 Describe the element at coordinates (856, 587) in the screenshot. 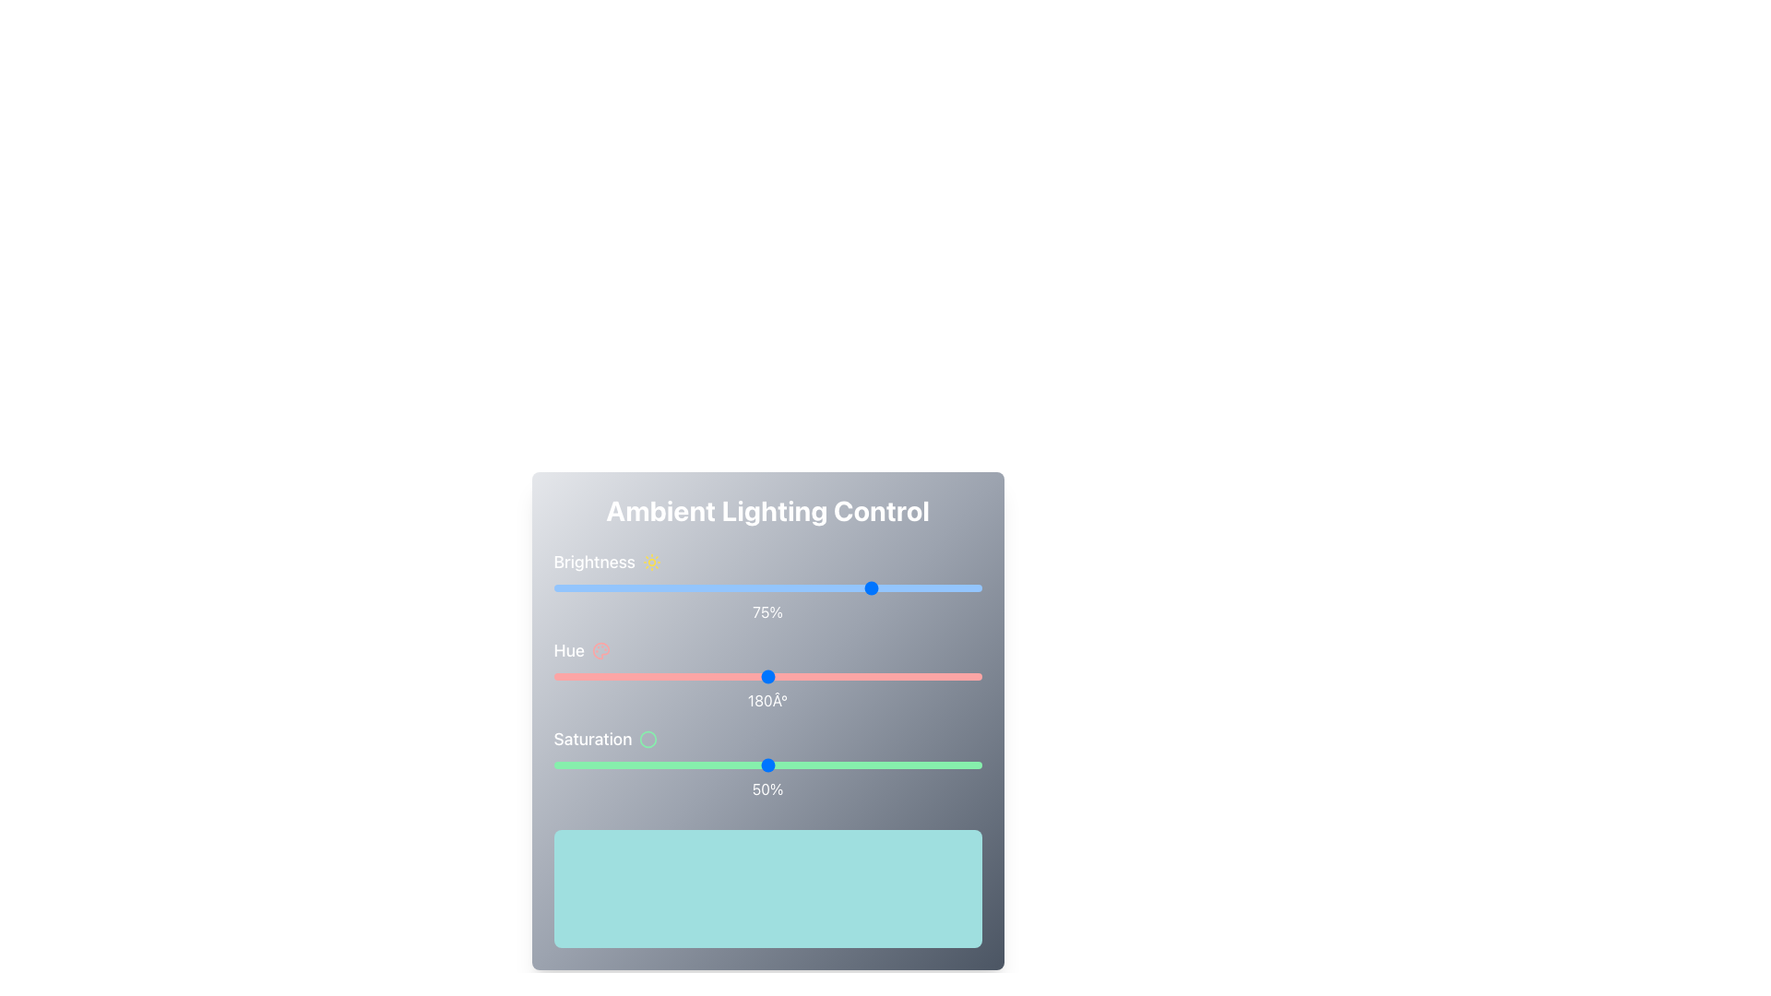

I see `brightness` at that location.